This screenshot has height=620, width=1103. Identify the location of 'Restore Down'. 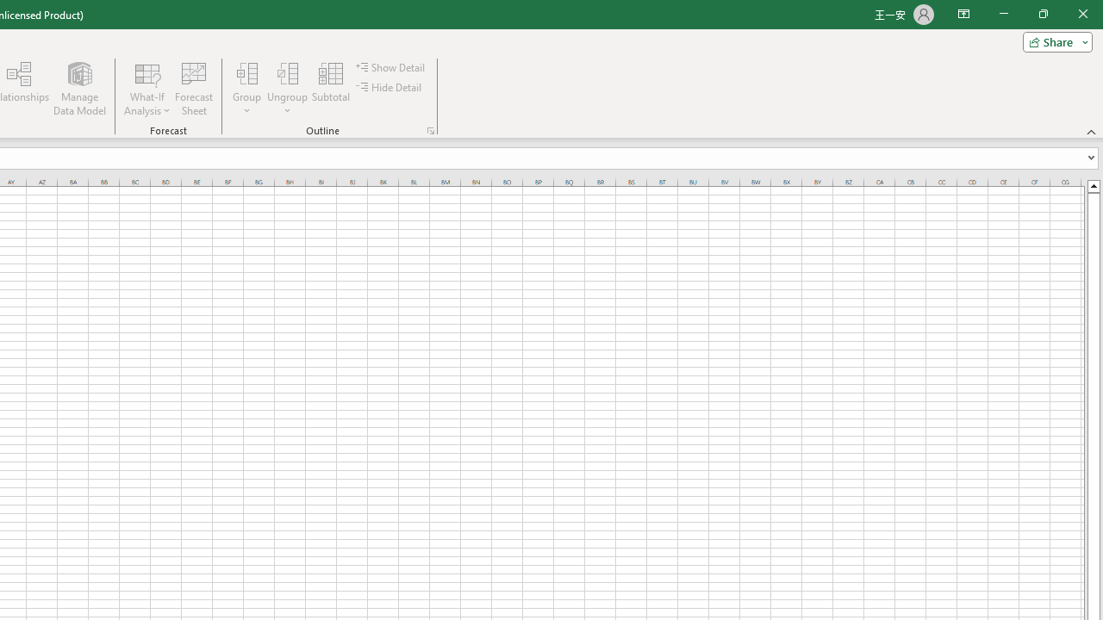
(1042, 14).